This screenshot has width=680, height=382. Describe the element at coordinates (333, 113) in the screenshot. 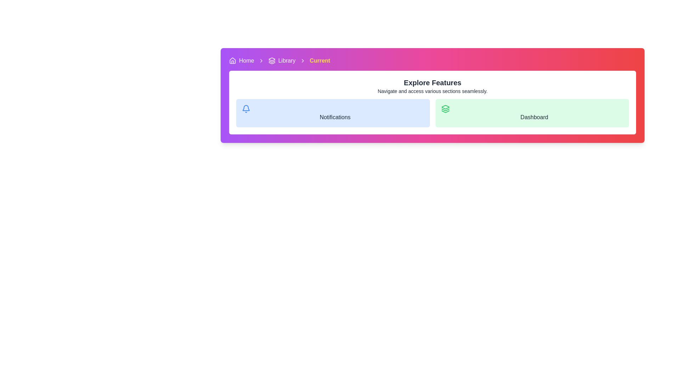

I see `the Notifications button, which has a pastel blue background and a bell icon to the left of the text 'Notifications'` at that location.